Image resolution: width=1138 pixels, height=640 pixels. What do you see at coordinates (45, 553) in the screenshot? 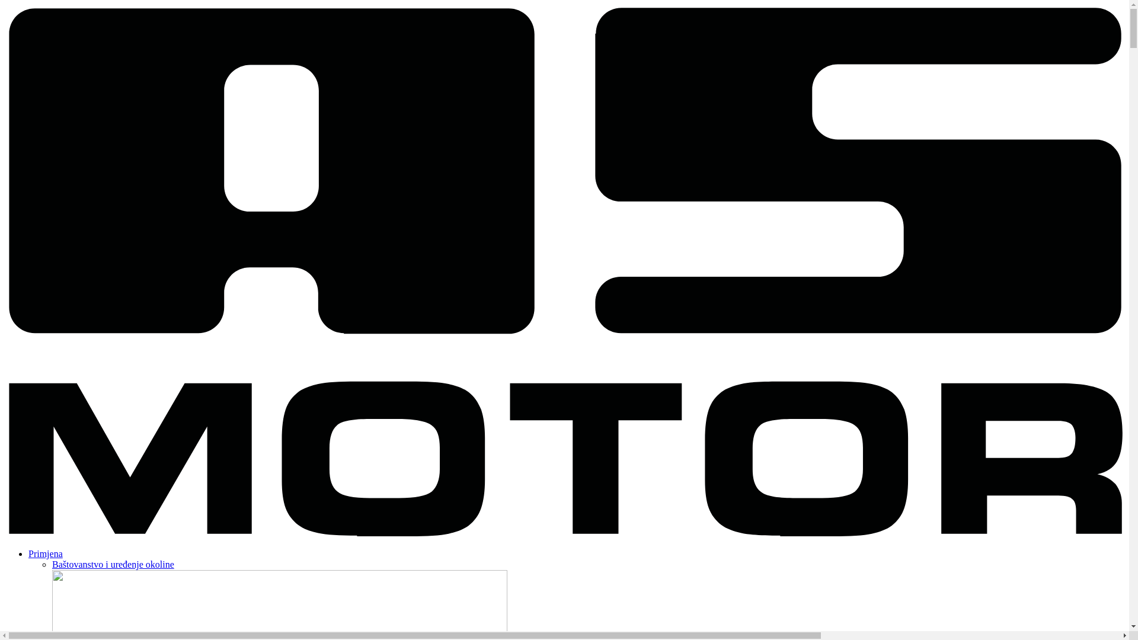
I see `'Primjena'` at bounding box center [45, 553].